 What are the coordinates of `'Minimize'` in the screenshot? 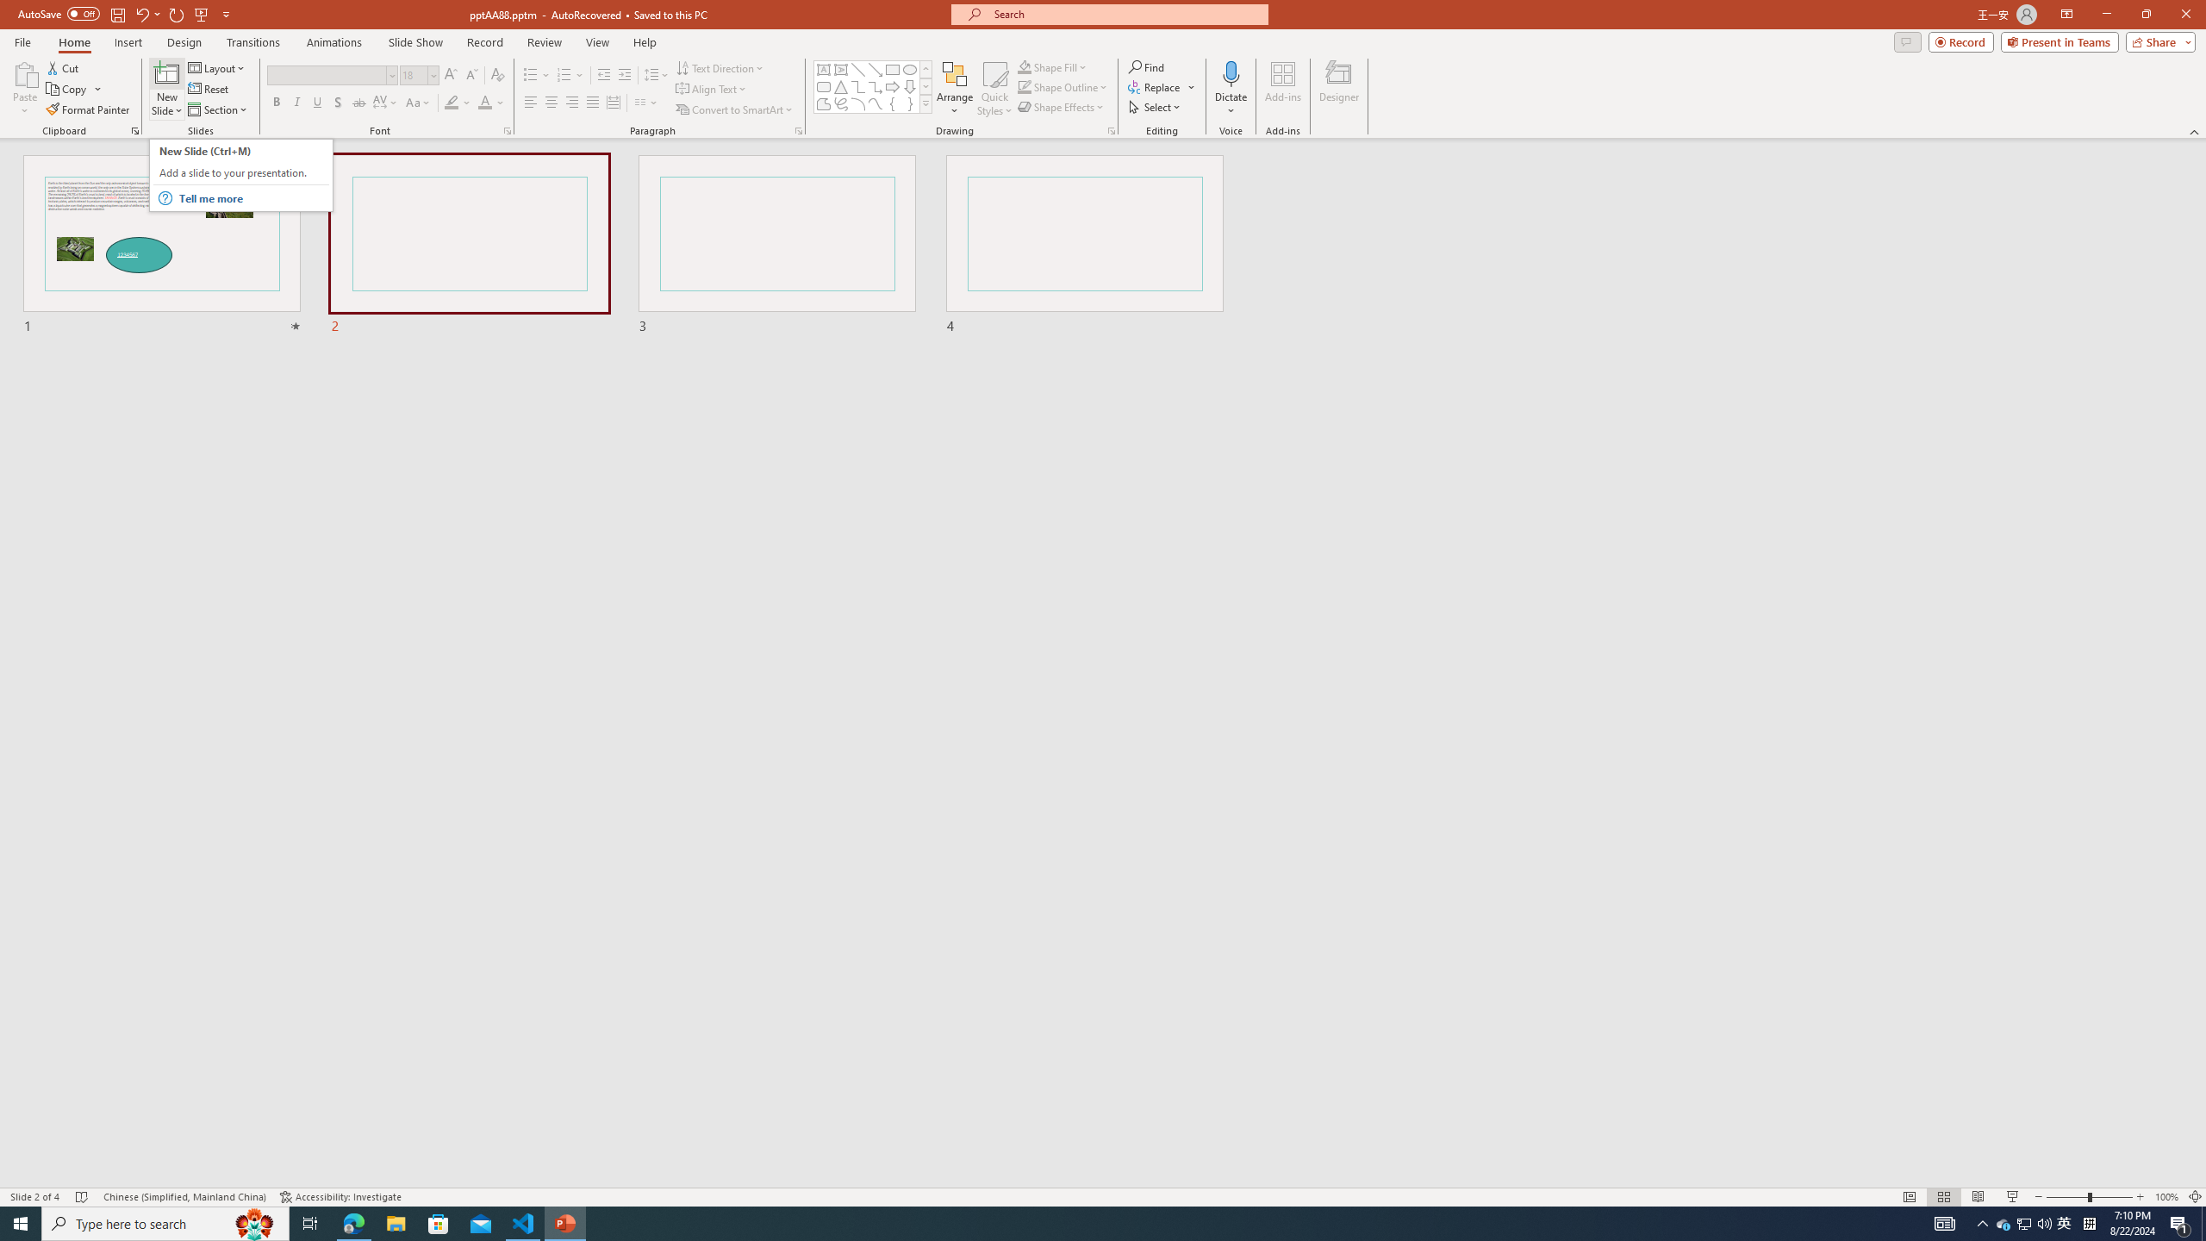 It's located at (2105, 14).